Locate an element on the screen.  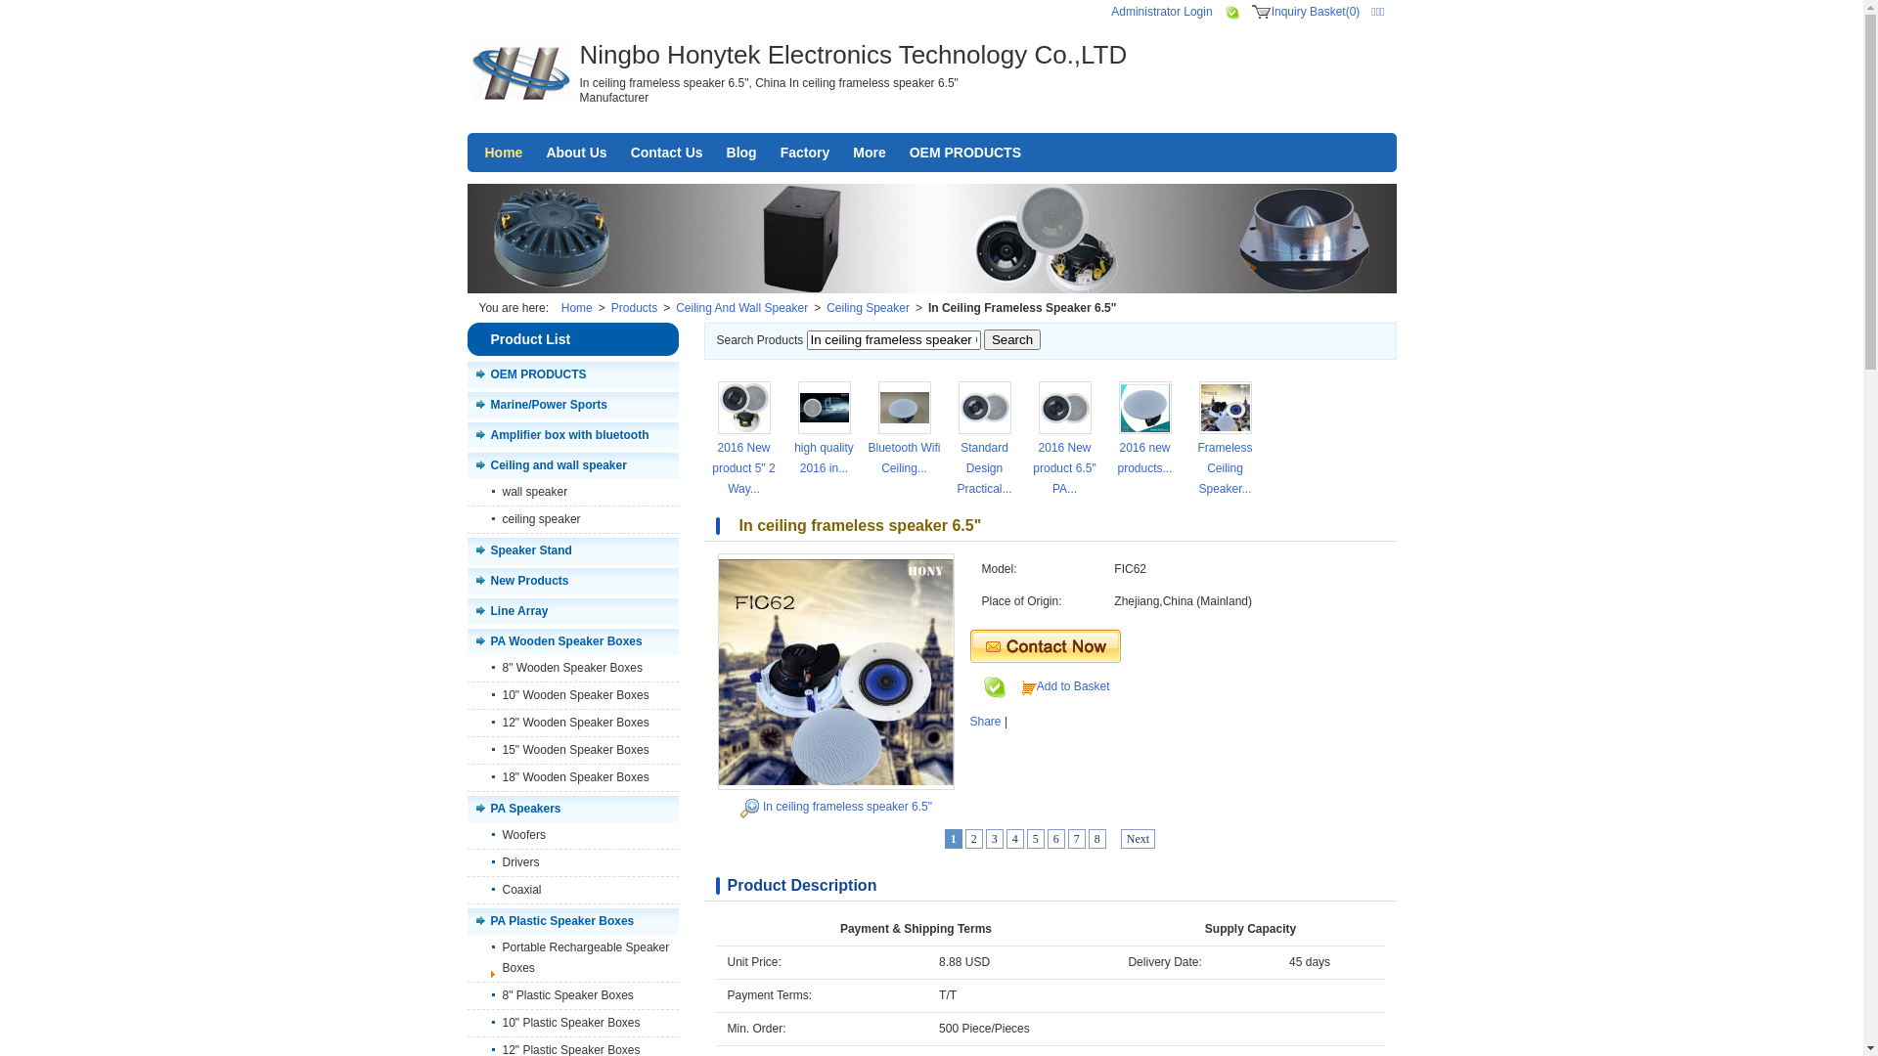
'Ceiling Speaker' is located at coordinates (867, 308).